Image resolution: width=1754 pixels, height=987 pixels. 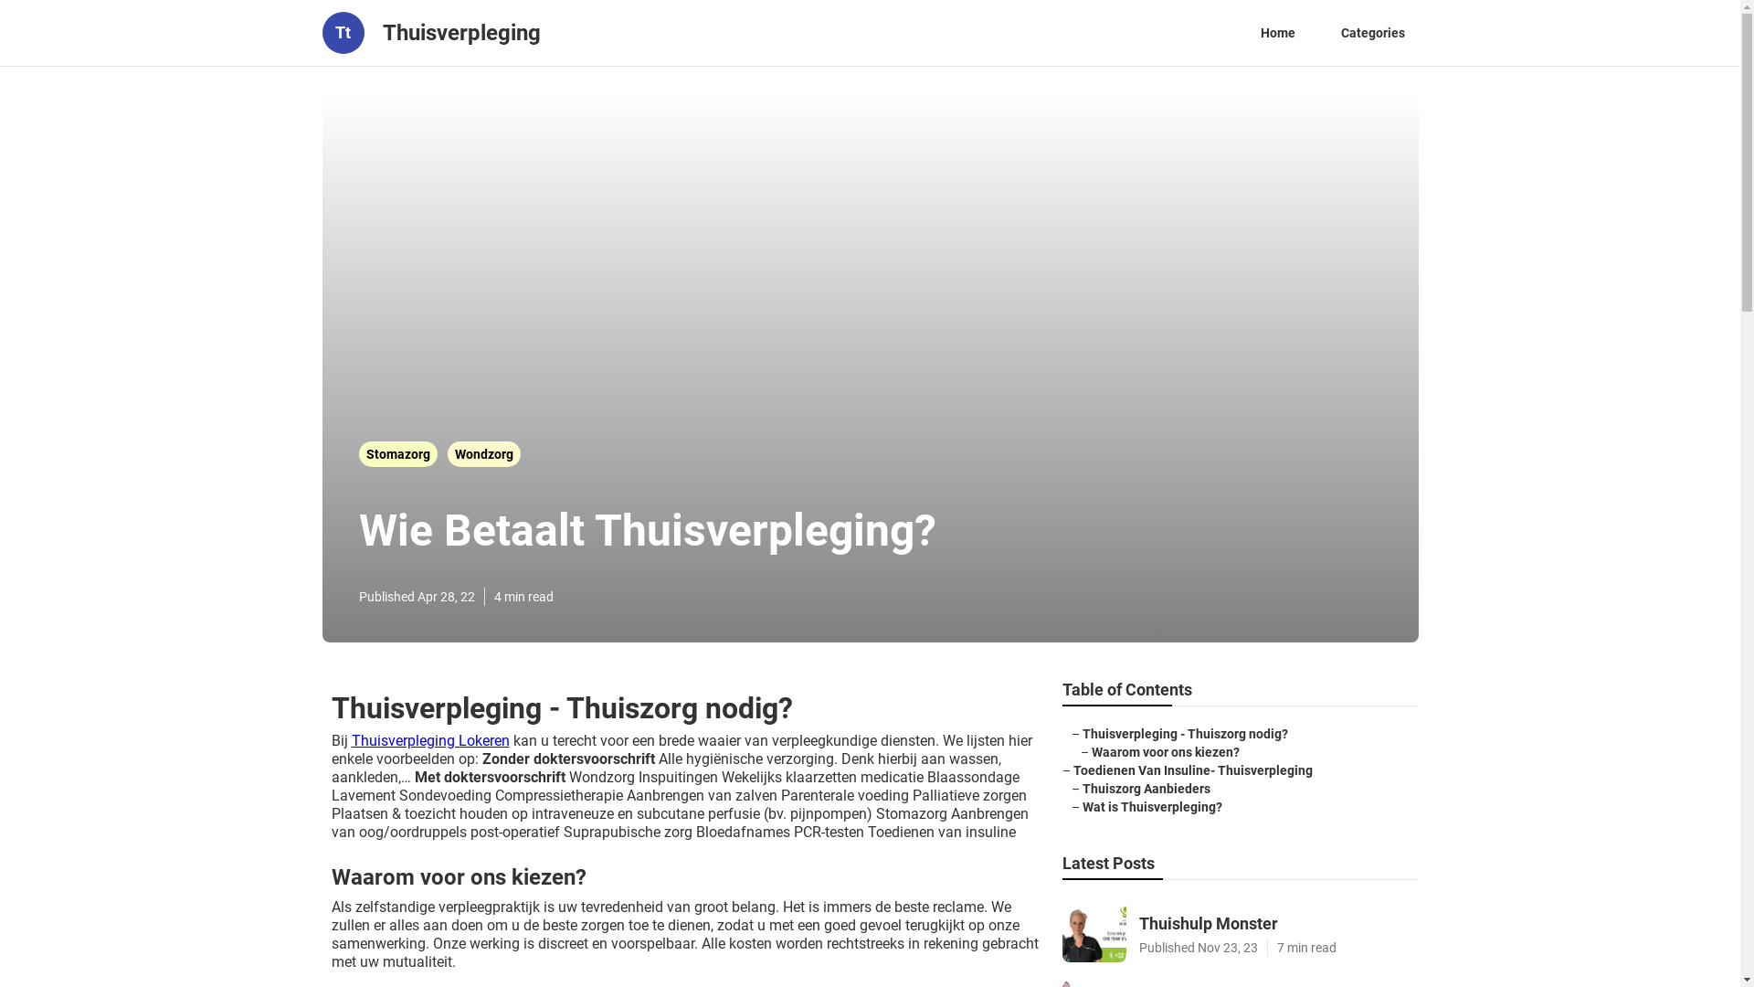 What do you see at coordinates (397, 453) in the screenshot?
I see `'Stomazorg'` at bounding box center [397, 453].